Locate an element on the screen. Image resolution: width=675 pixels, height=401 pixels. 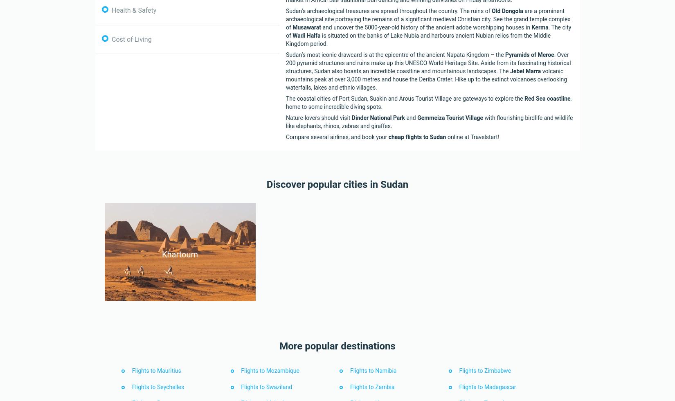
'cheap flights to Sudan' is located at coordinates (388, 136).